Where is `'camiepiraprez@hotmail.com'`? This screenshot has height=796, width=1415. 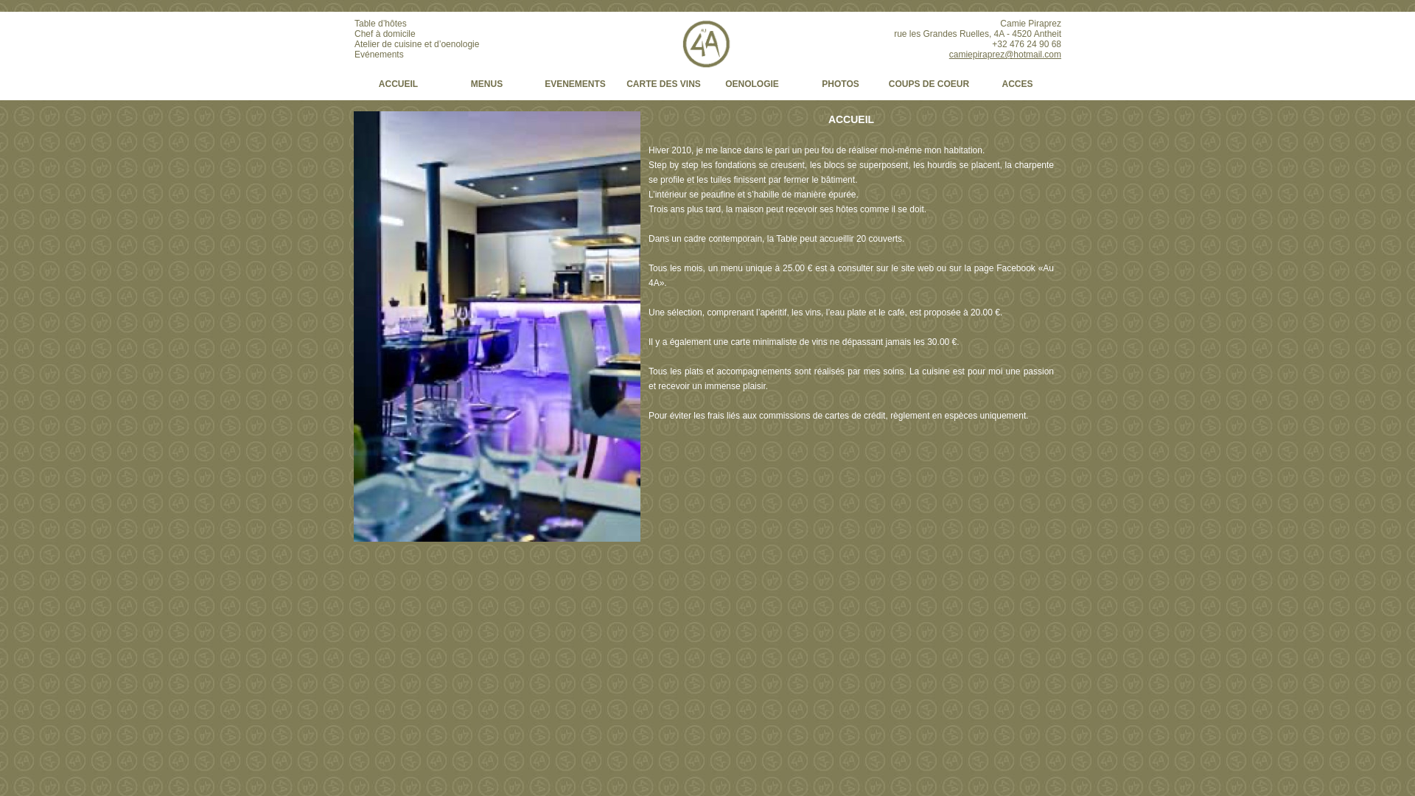 'camiepiraprez@hotmail.com' is located at coordinates (948, 53).